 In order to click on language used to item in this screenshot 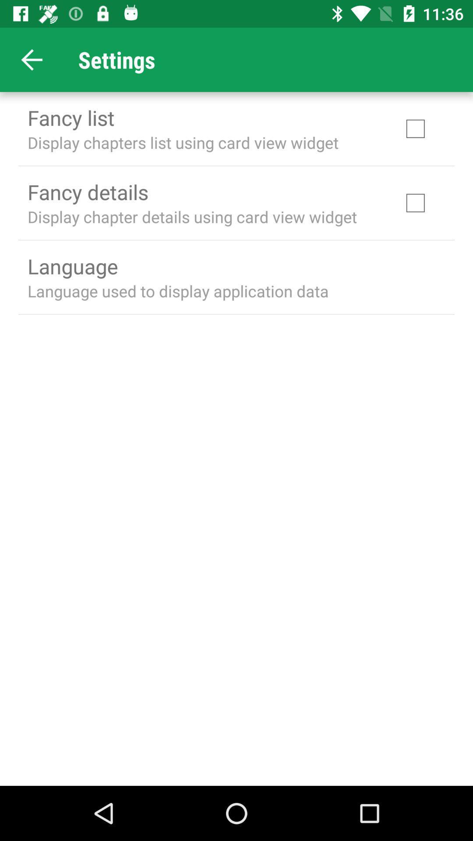, I will do `click(177, 291)`.